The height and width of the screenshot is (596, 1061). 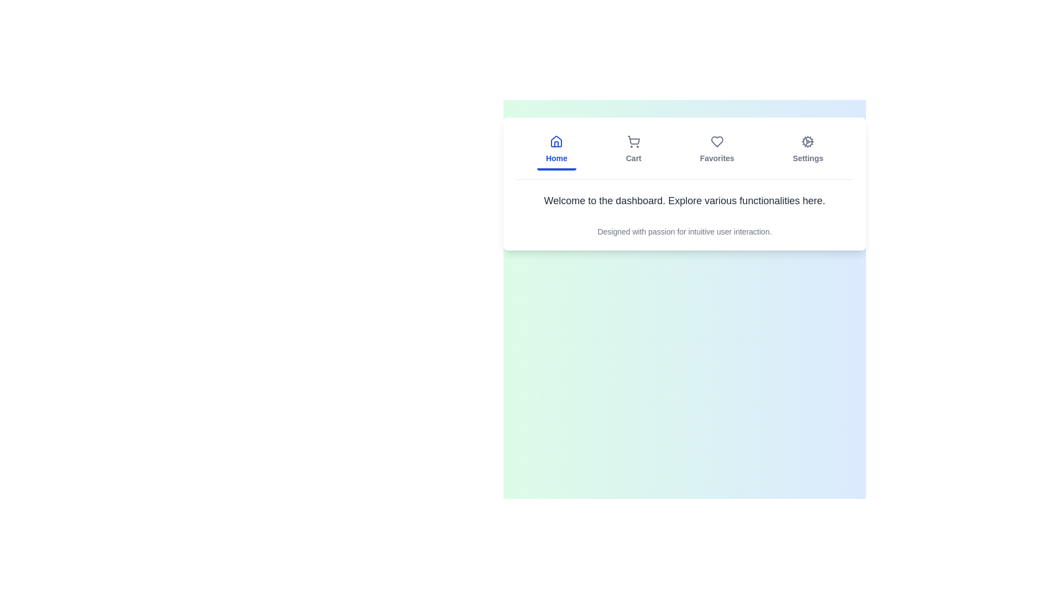 I want to click on the heart-shaped SVG icon located above the text label 'Favorites' in the navigation bar, so click(x=717, y=141).